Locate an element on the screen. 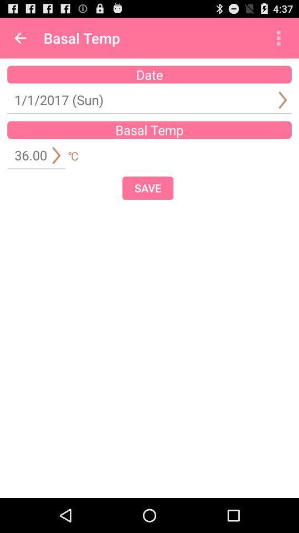 The width and height of the screenshot is (299, 533). save item is located at coordinates (148, 188).